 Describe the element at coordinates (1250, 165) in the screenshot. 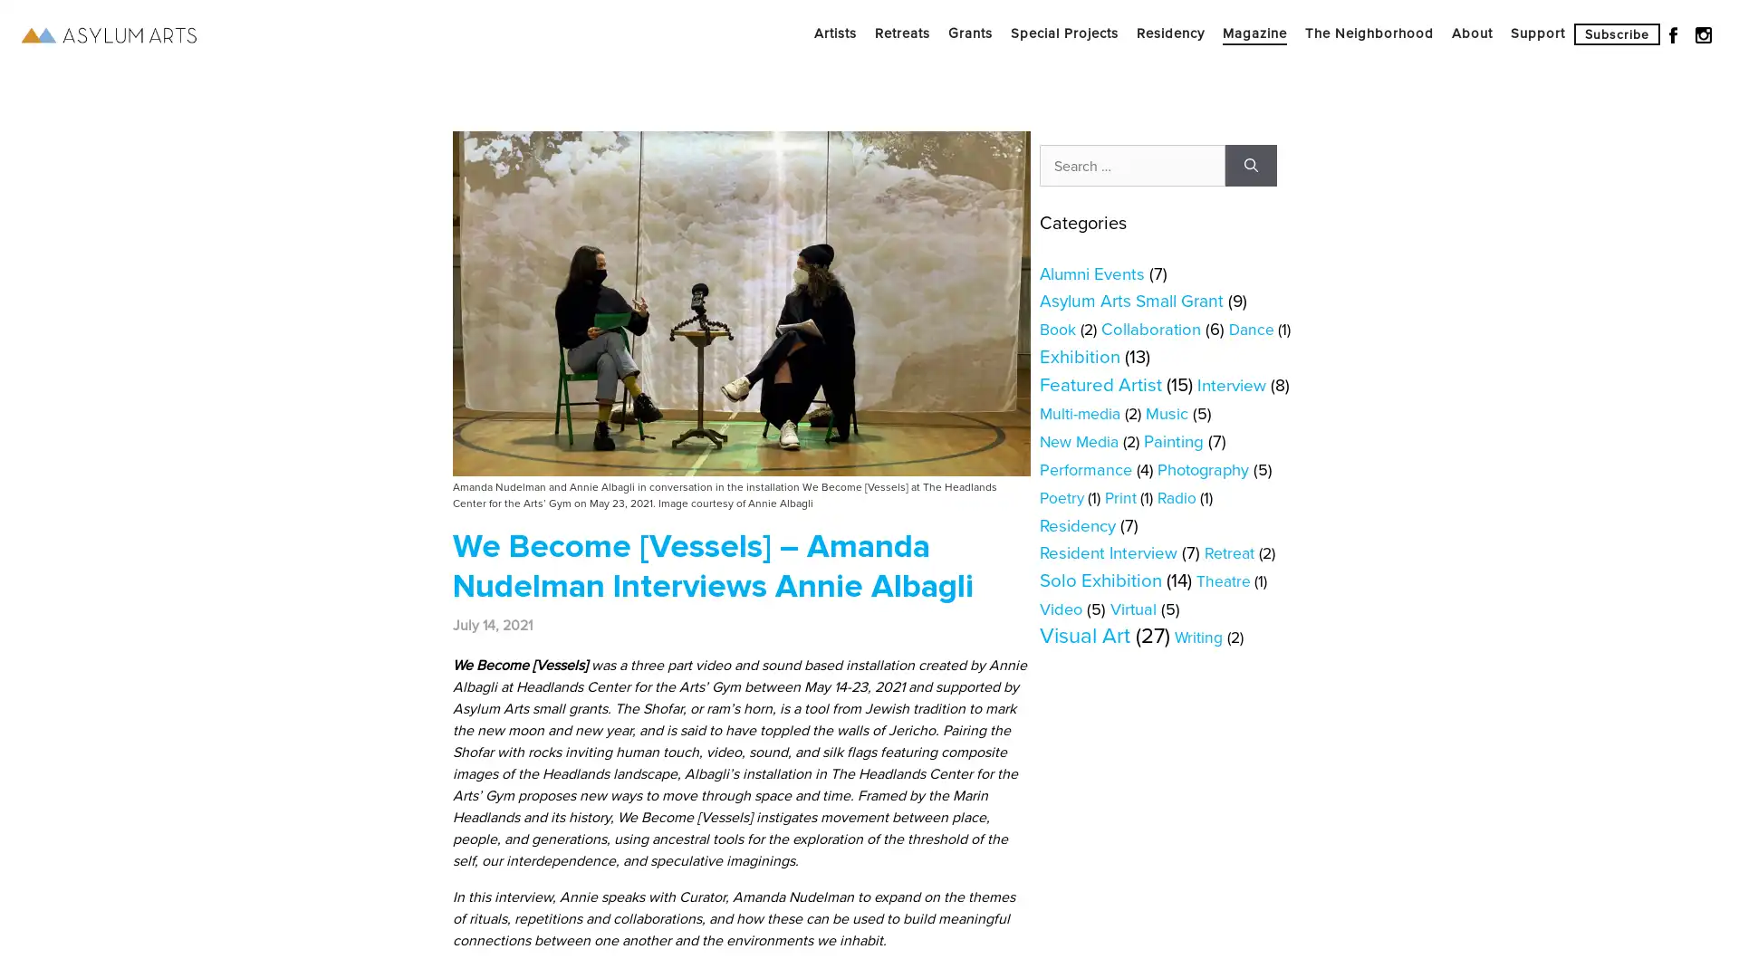

I see `Search` at that location.